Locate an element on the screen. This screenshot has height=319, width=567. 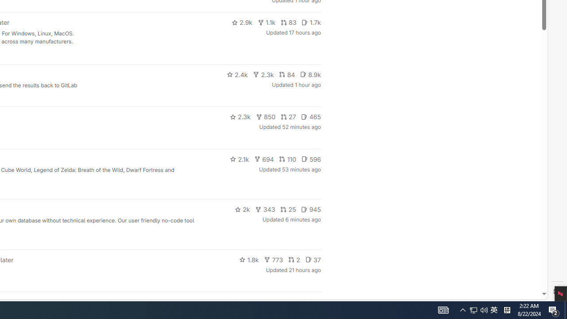
'850' is located at coordinates (265, 116).